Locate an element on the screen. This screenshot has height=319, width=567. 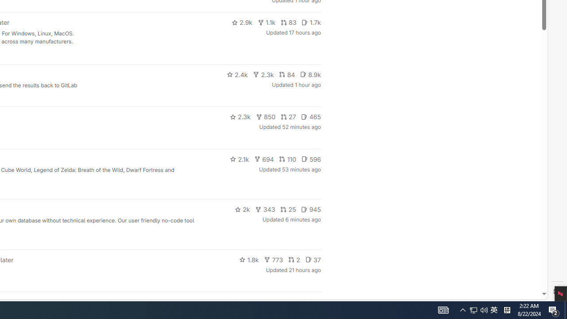
'850' is located at coordinates (265, 116).